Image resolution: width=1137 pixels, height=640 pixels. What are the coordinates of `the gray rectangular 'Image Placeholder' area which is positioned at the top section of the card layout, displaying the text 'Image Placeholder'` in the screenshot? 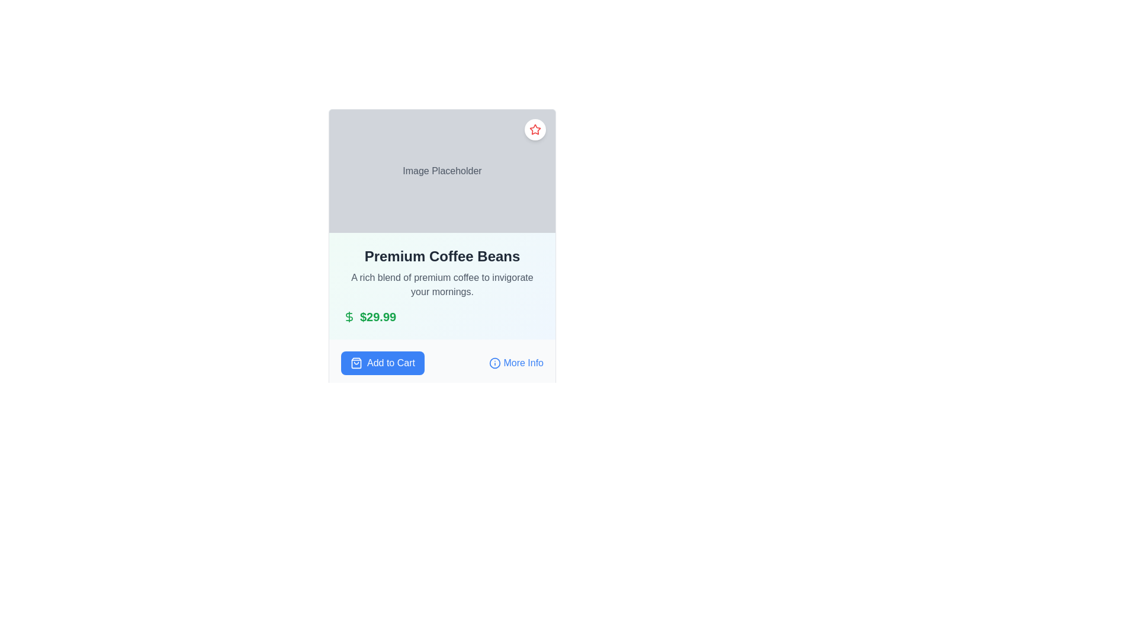 It's located at (442, 171).